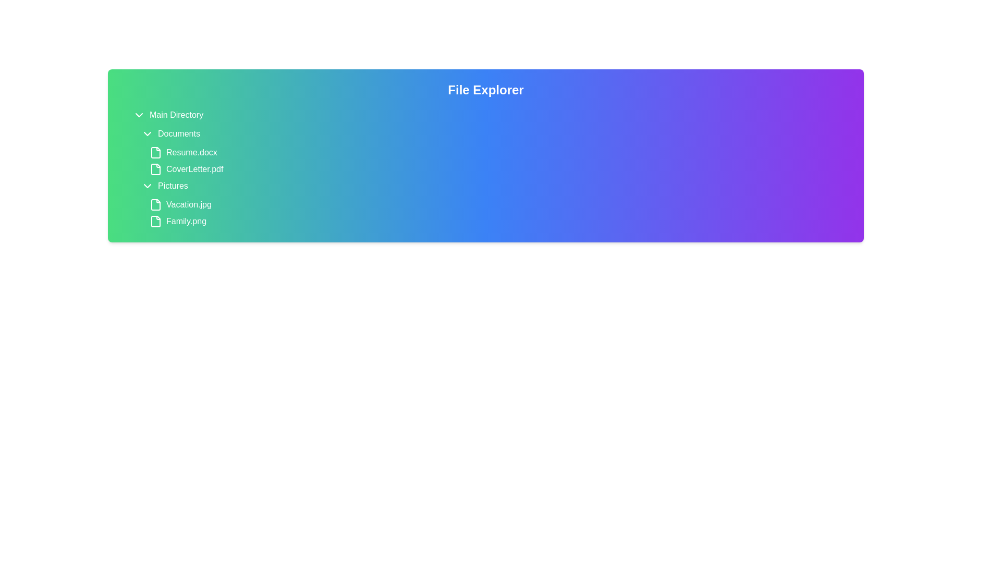 The image size is (1001, 563). What do you see at coordinates (176, 115) in the screenshot?
I see `the 'Main Directory' label in the file explorer interface, which visually represents the name of the directory and is part of a clickable row with an expandable arrow icon` at bounding box center [176, 115].